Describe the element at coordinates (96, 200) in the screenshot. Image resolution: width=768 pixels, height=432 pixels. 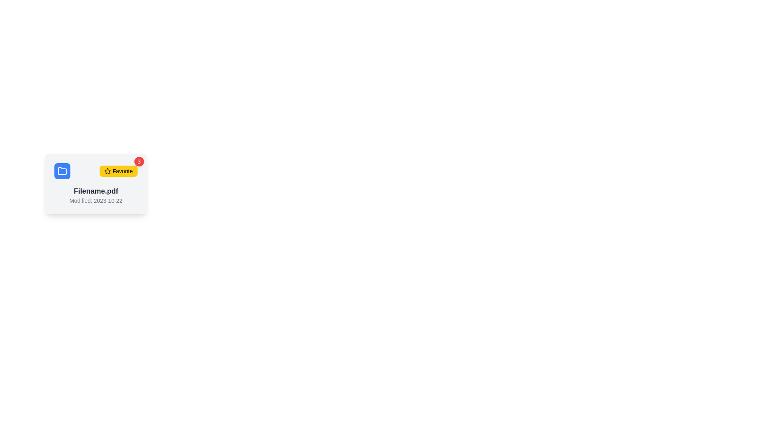
I see `the text label displaying 'Modified: 2023-10-22' located beneath the 'Filename.pdf.'` at that location.